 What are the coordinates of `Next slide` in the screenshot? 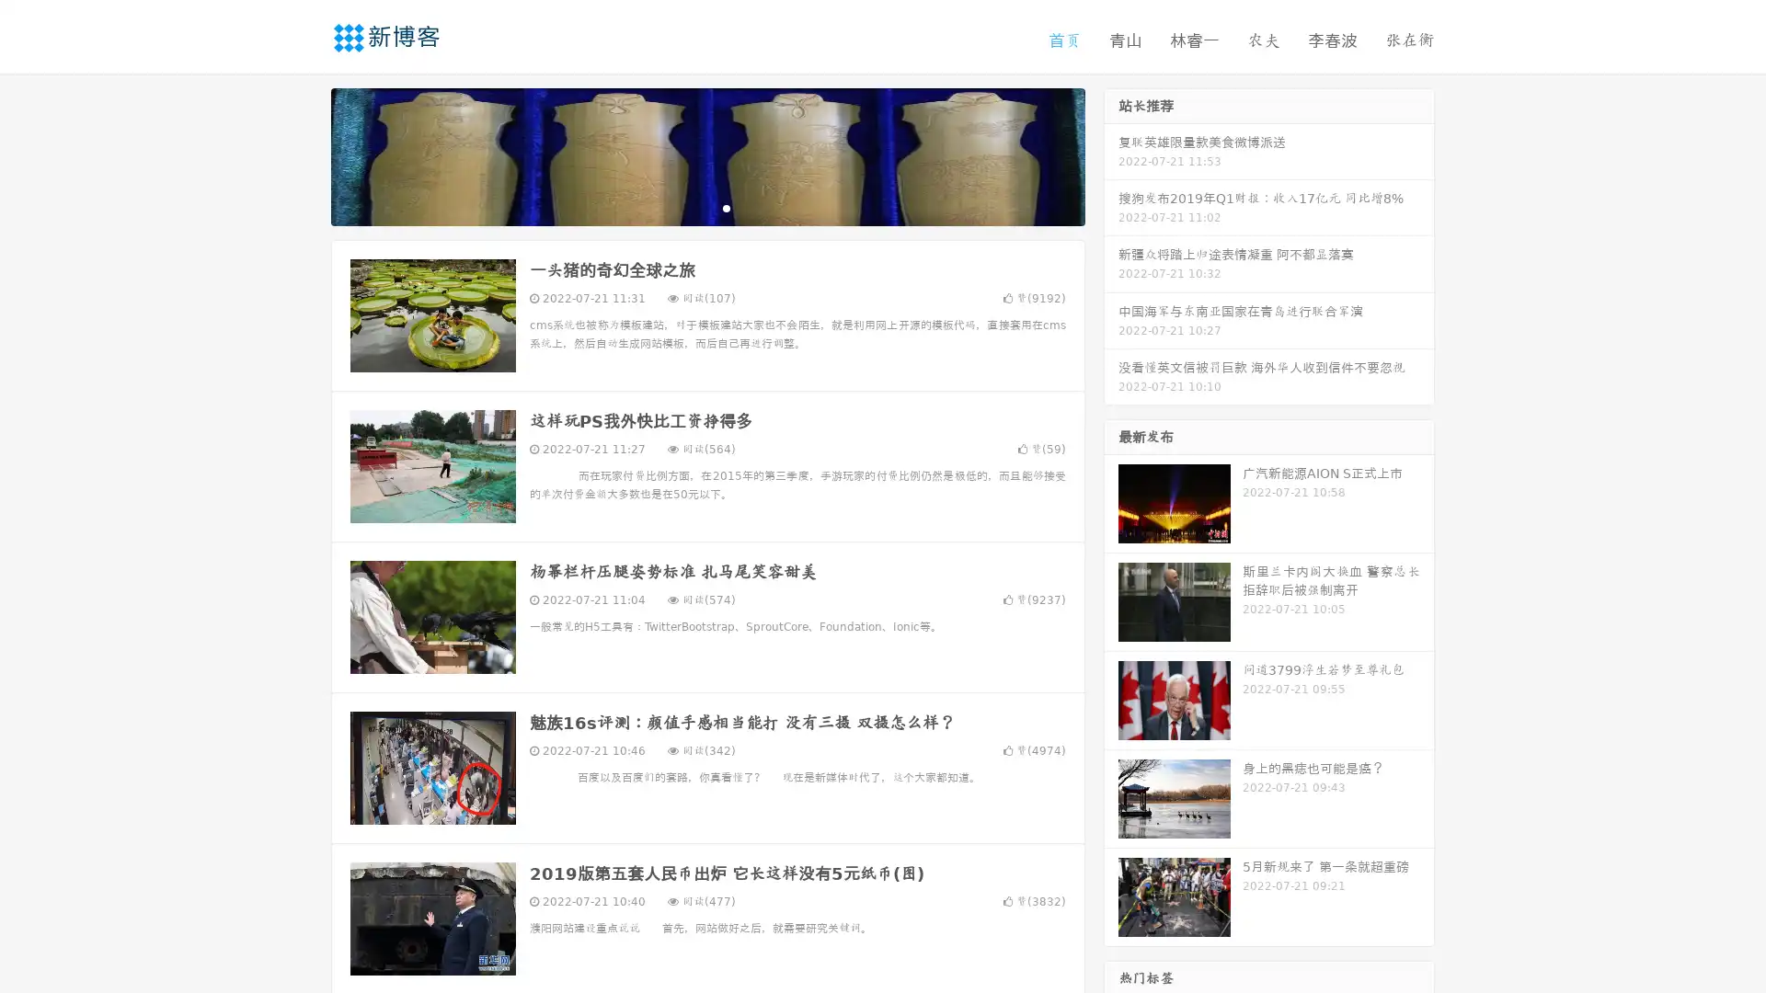 It's located at (1111, 154).